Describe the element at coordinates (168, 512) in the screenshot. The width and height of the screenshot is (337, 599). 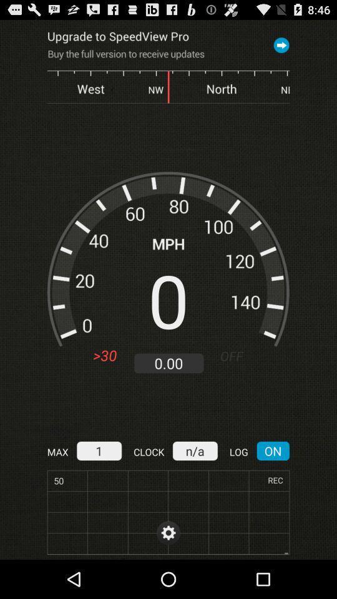
I see `the icon below 1 app` at that location.